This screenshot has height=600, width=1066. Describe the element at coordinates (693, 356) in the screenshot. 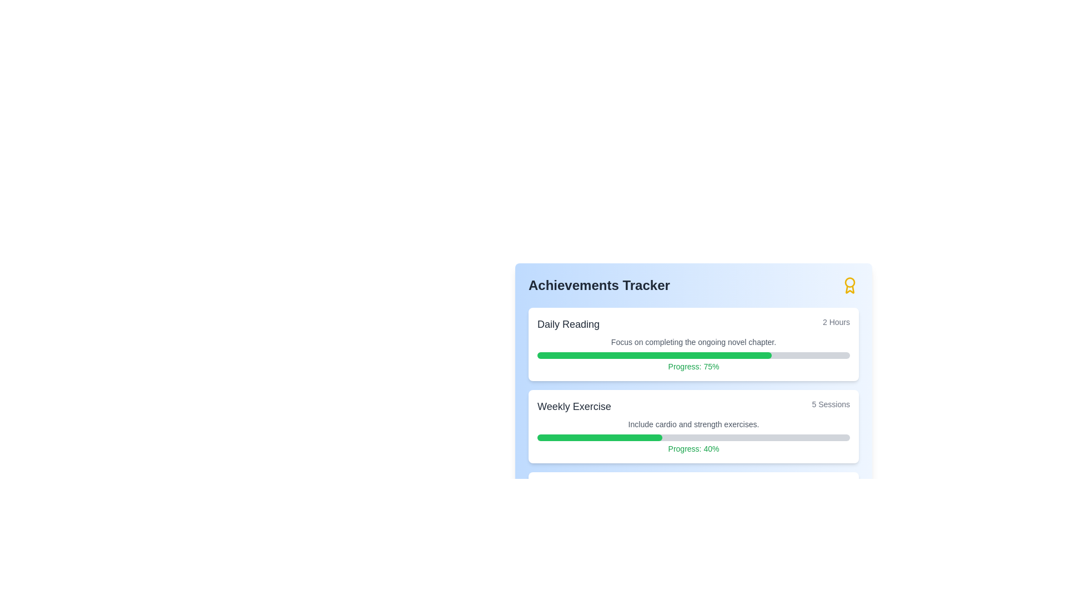

I see `the Progress bar within the 'Daily Reading' card, which visually represents a completion level of 75 percent, located in the 'Achievements Tracker' section` at that location.